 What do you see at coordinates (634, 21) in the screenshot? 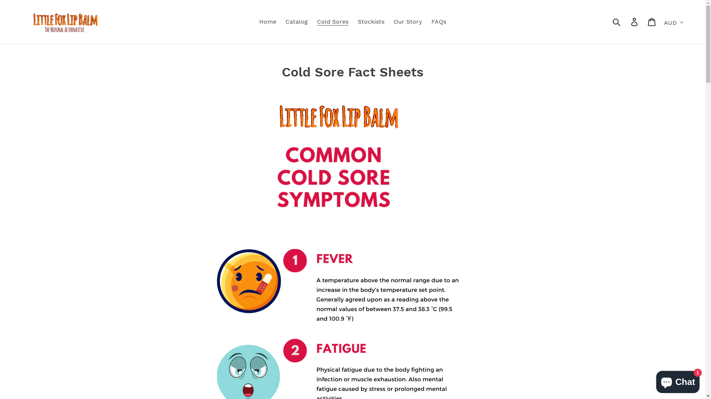
I see `'Log in'` at bounding box center [634, 21].